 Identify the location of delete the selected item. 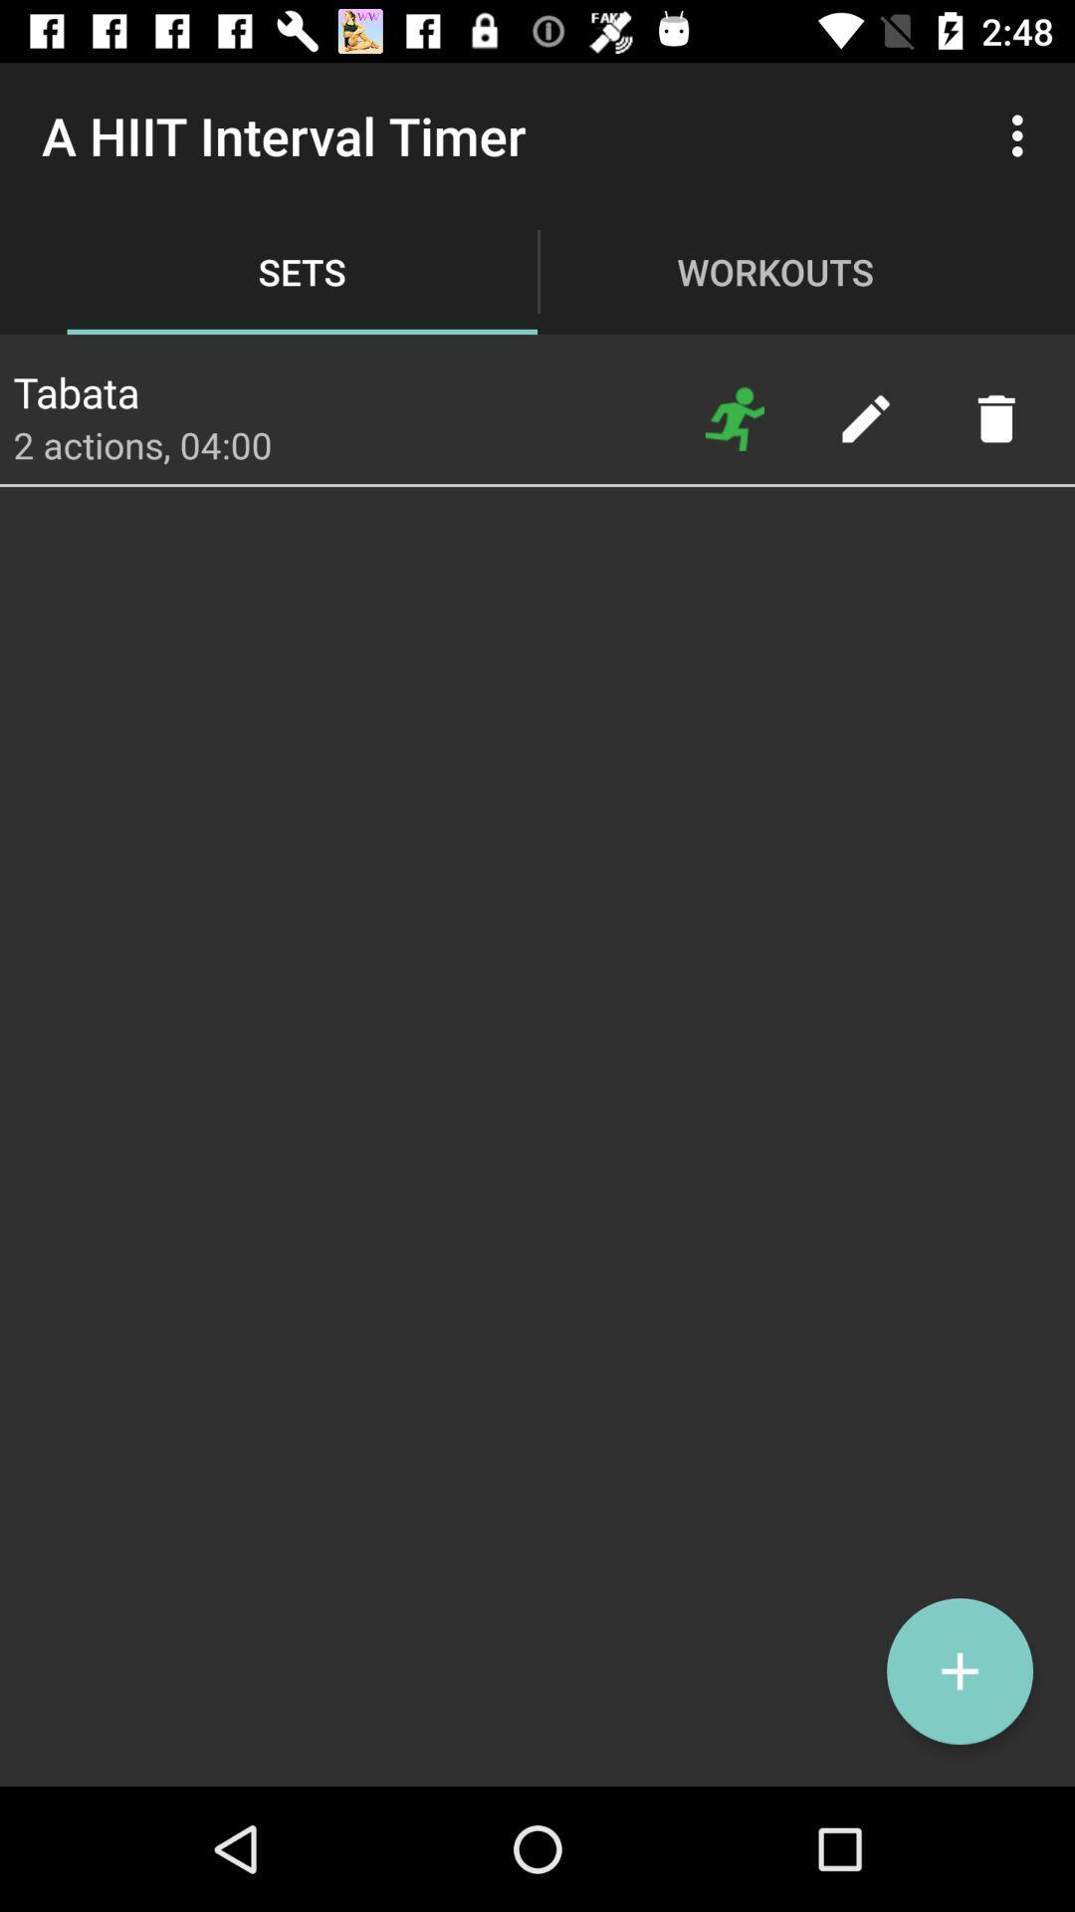
(995, 417).